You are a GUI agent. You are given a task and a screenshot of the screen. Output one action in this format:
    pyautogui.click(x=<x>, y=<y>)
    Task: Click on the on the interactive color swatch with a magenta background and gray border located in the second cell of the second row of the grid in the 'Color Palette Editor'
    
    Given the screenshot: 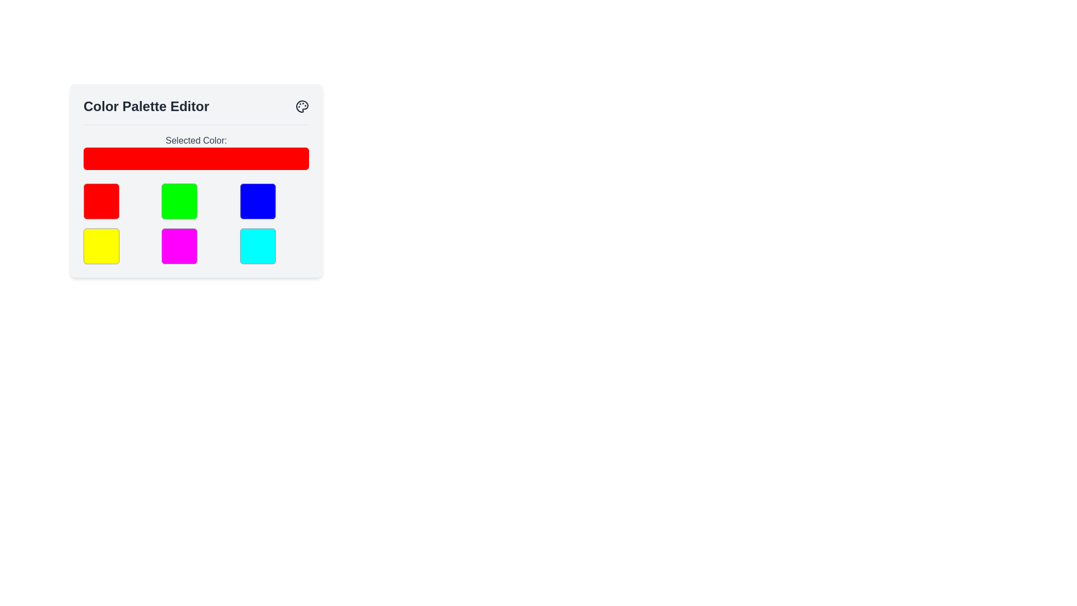 What is the action you would take?
    pyautogui.click(x=179, y=246)
    